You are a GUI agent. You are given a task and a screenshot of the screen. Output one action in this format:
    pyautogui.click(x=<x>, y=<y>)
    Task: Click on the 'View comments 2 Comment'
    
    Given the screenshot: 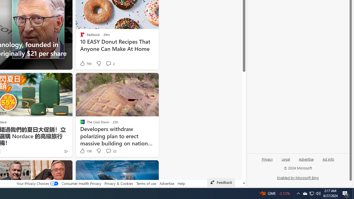 What is the action you would take?
    pyautogui.click(x=110, y=63)
    